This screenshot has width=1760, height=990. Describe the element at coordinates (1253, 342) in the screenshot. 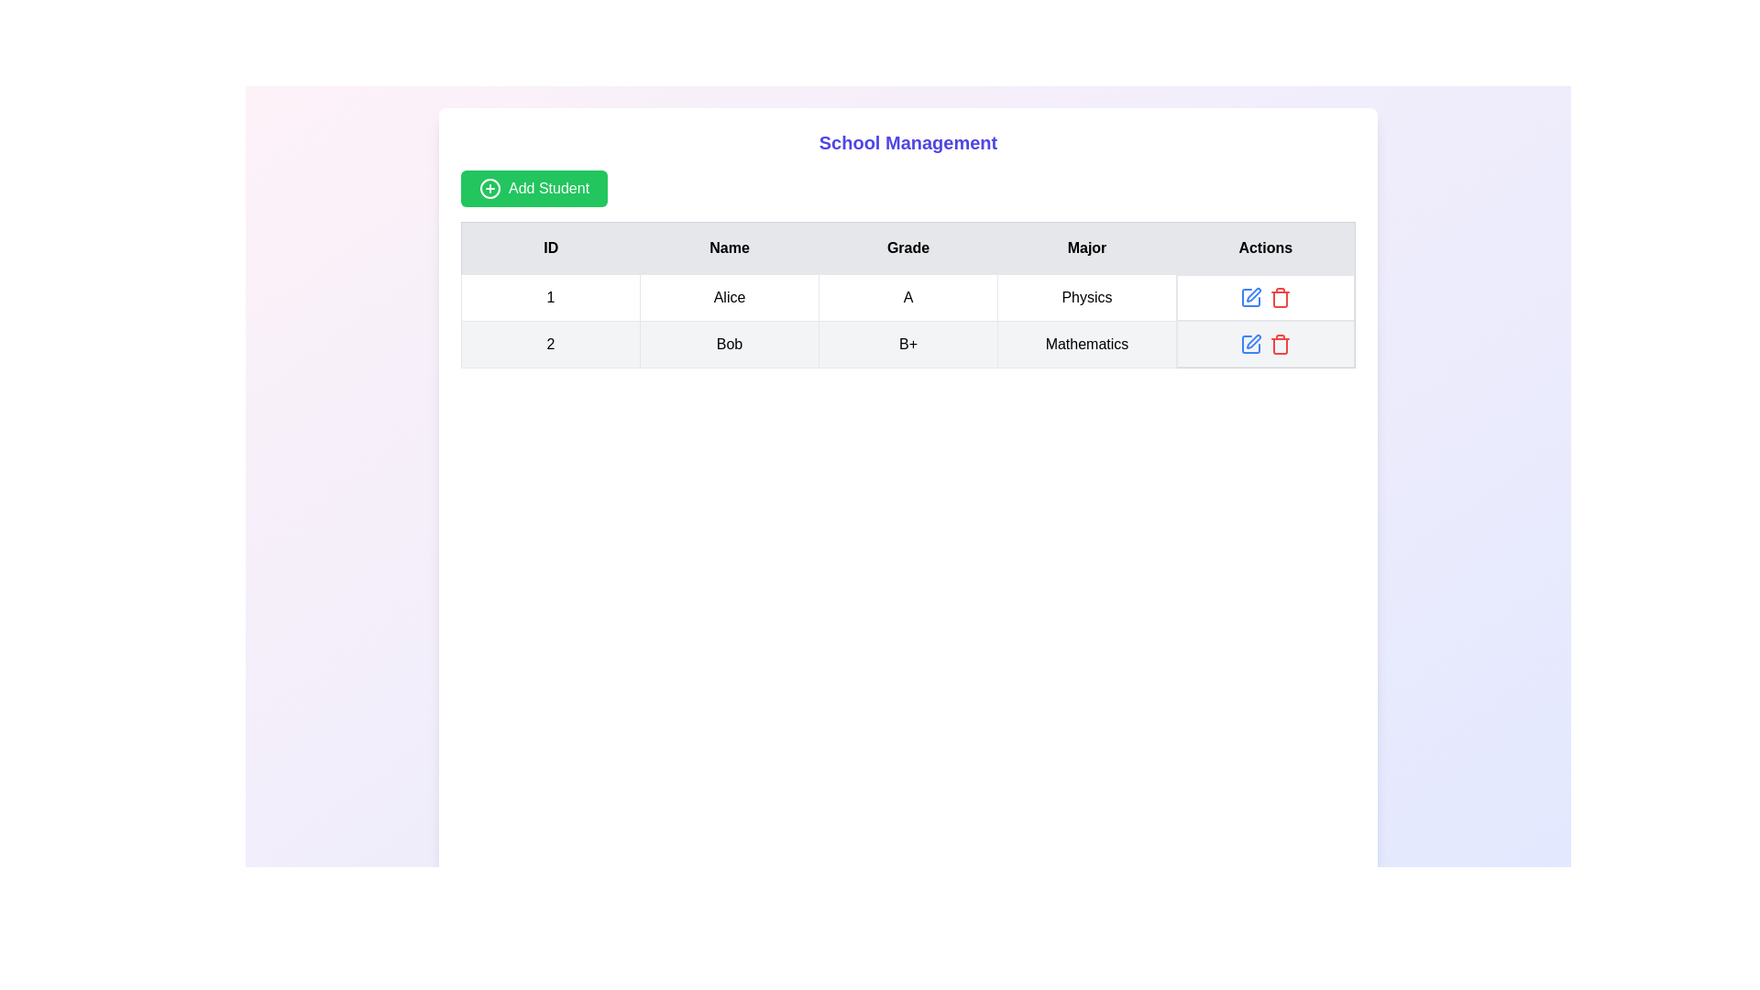

I see `the Edit icon button, which is a small SVG icon resembling a pen, located in the 'Actions' column of the second row associated with 'Bob', 'Mathematics'` at that location.